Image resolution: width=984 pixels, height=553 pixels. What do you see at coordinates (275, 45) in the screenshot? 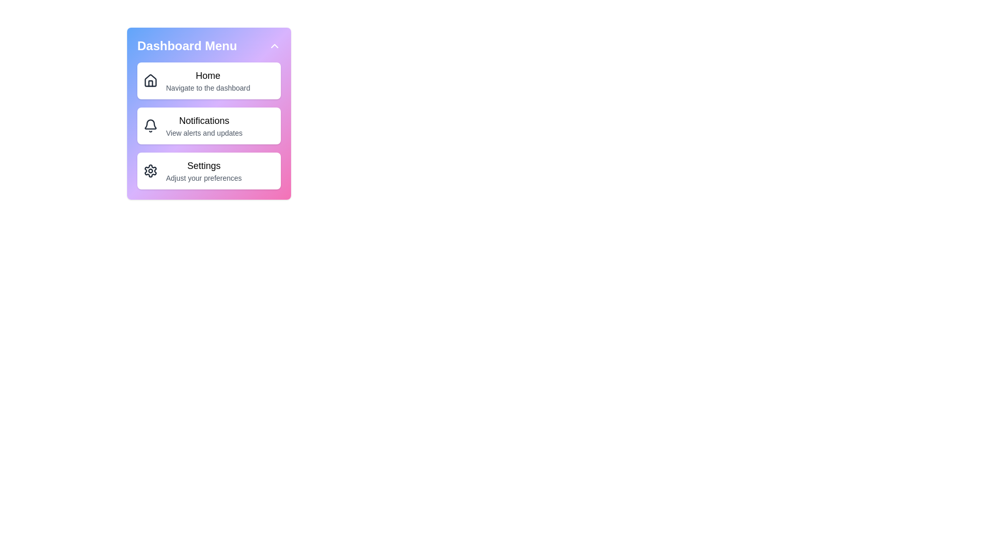
I see `button with the chevron icon to toggle the dashboard menu` at bounding box center [275, 45].